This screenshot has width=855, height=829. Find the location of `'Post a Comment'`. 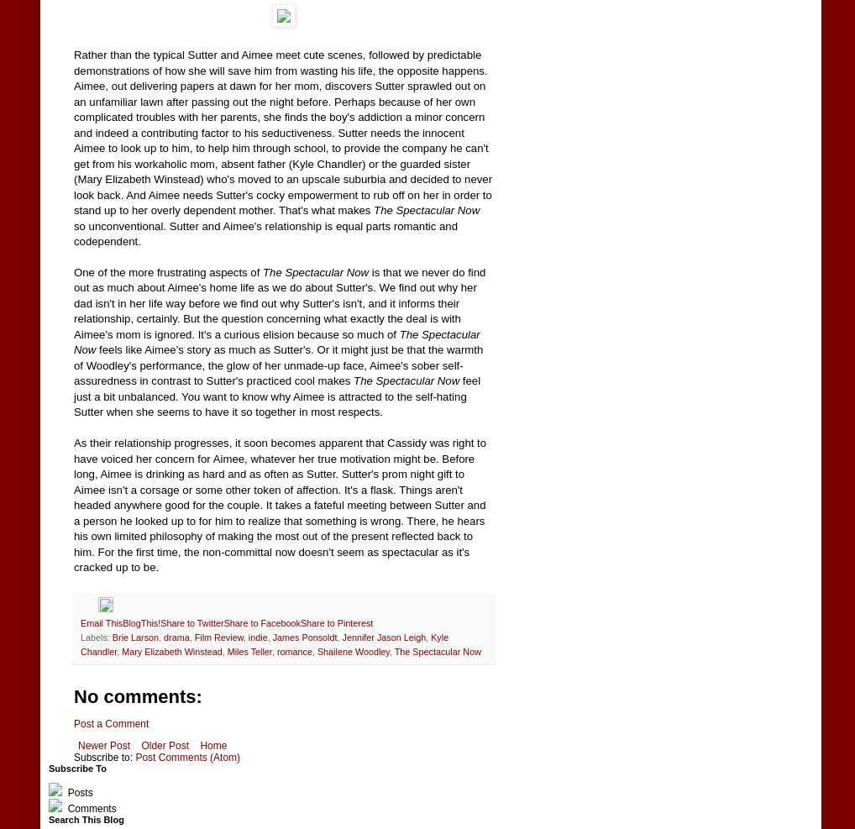

'Post a Comment' is located at coordinates (110, 721).